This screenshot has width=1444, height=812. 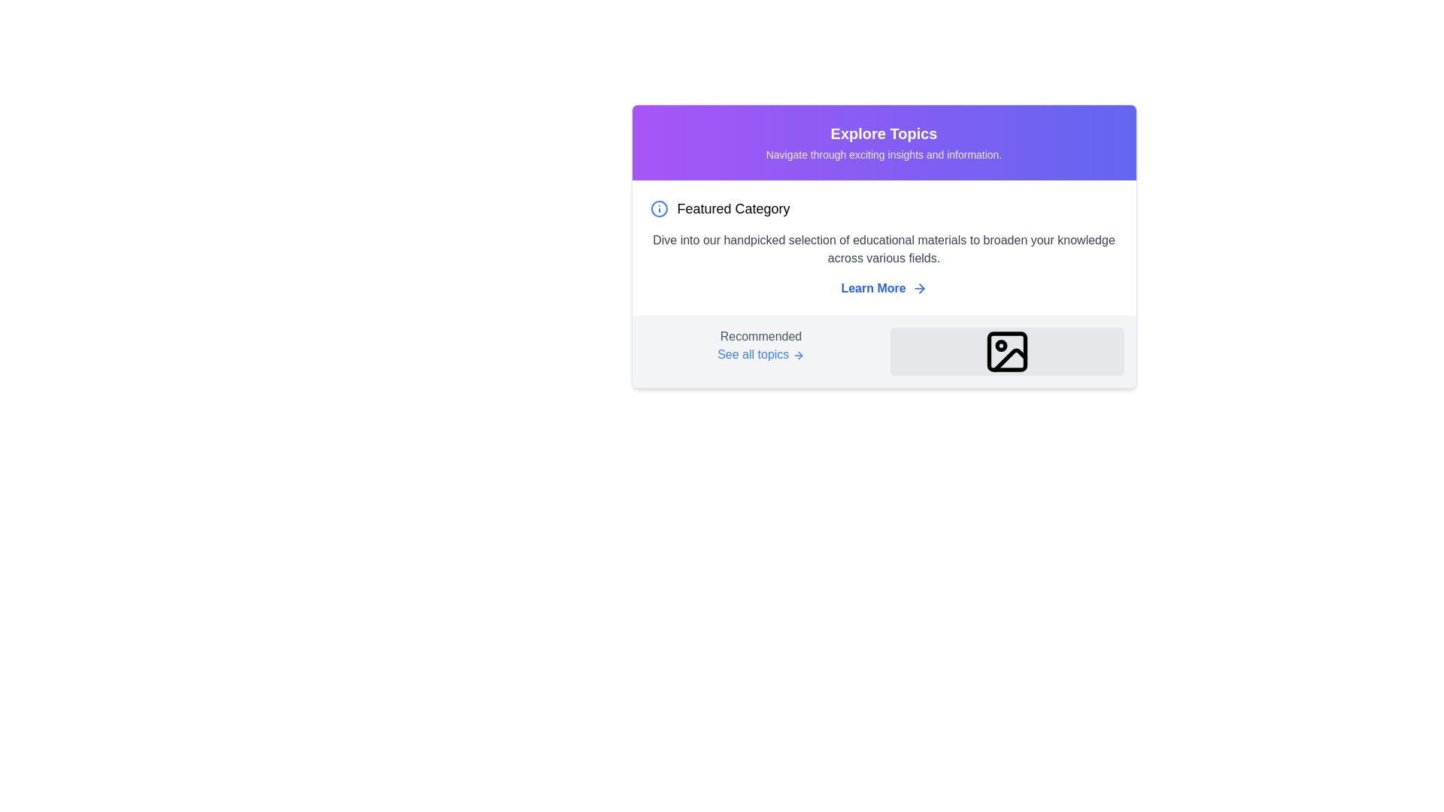 What do you see at coordinates (733, 208) in the screenshot?
I see `the text label that reads 'Featured Category', which is styled in a medium-large sans-serif font and is positioned to the right of an information icon` at bounding box center [733, 208].